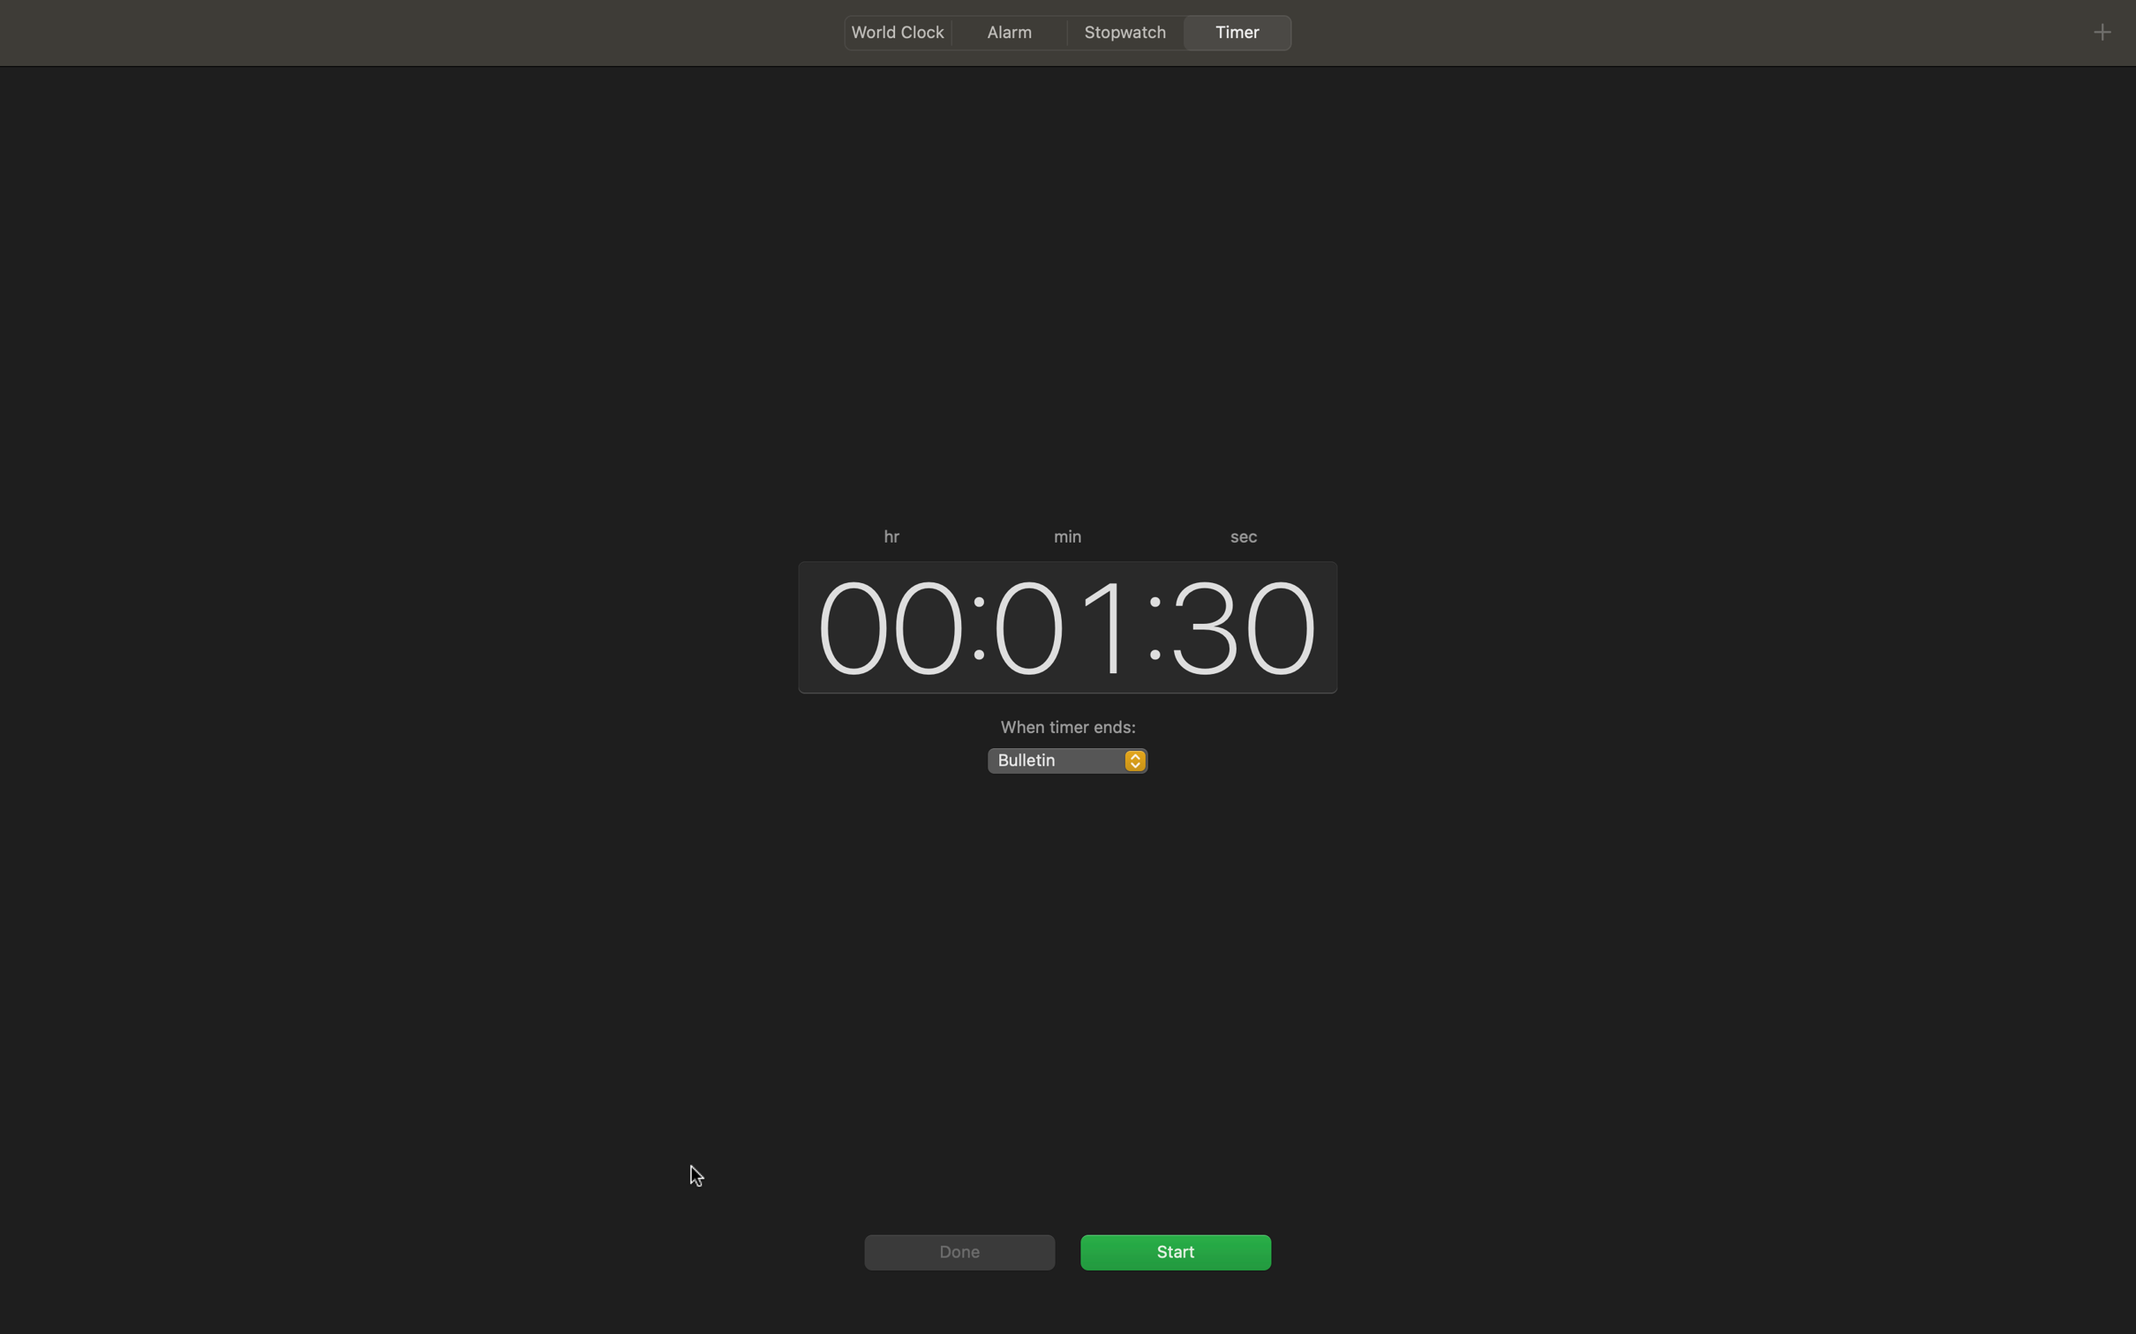  What do you see at coordinates (1245, 622) in the screenshot?
I see `Augment the value of seconds by 10` at bounding box center [1245, 622].